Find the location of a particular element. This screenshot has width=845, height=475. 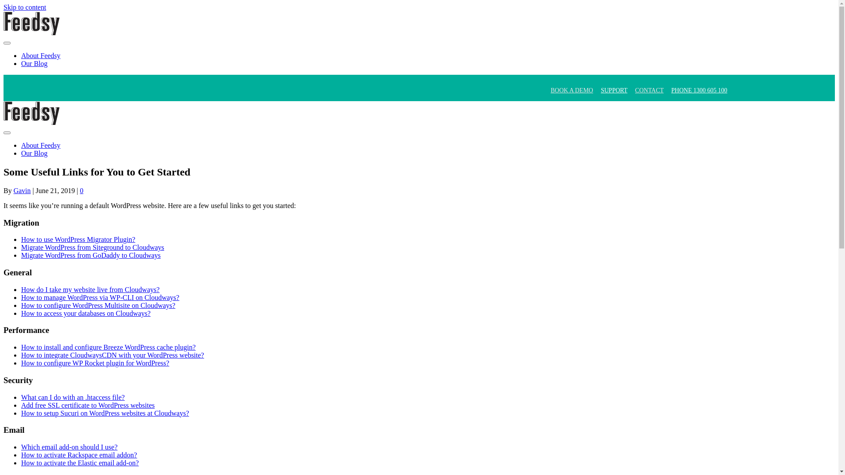

'About Feedsy' is located at coordinates (40, 145).